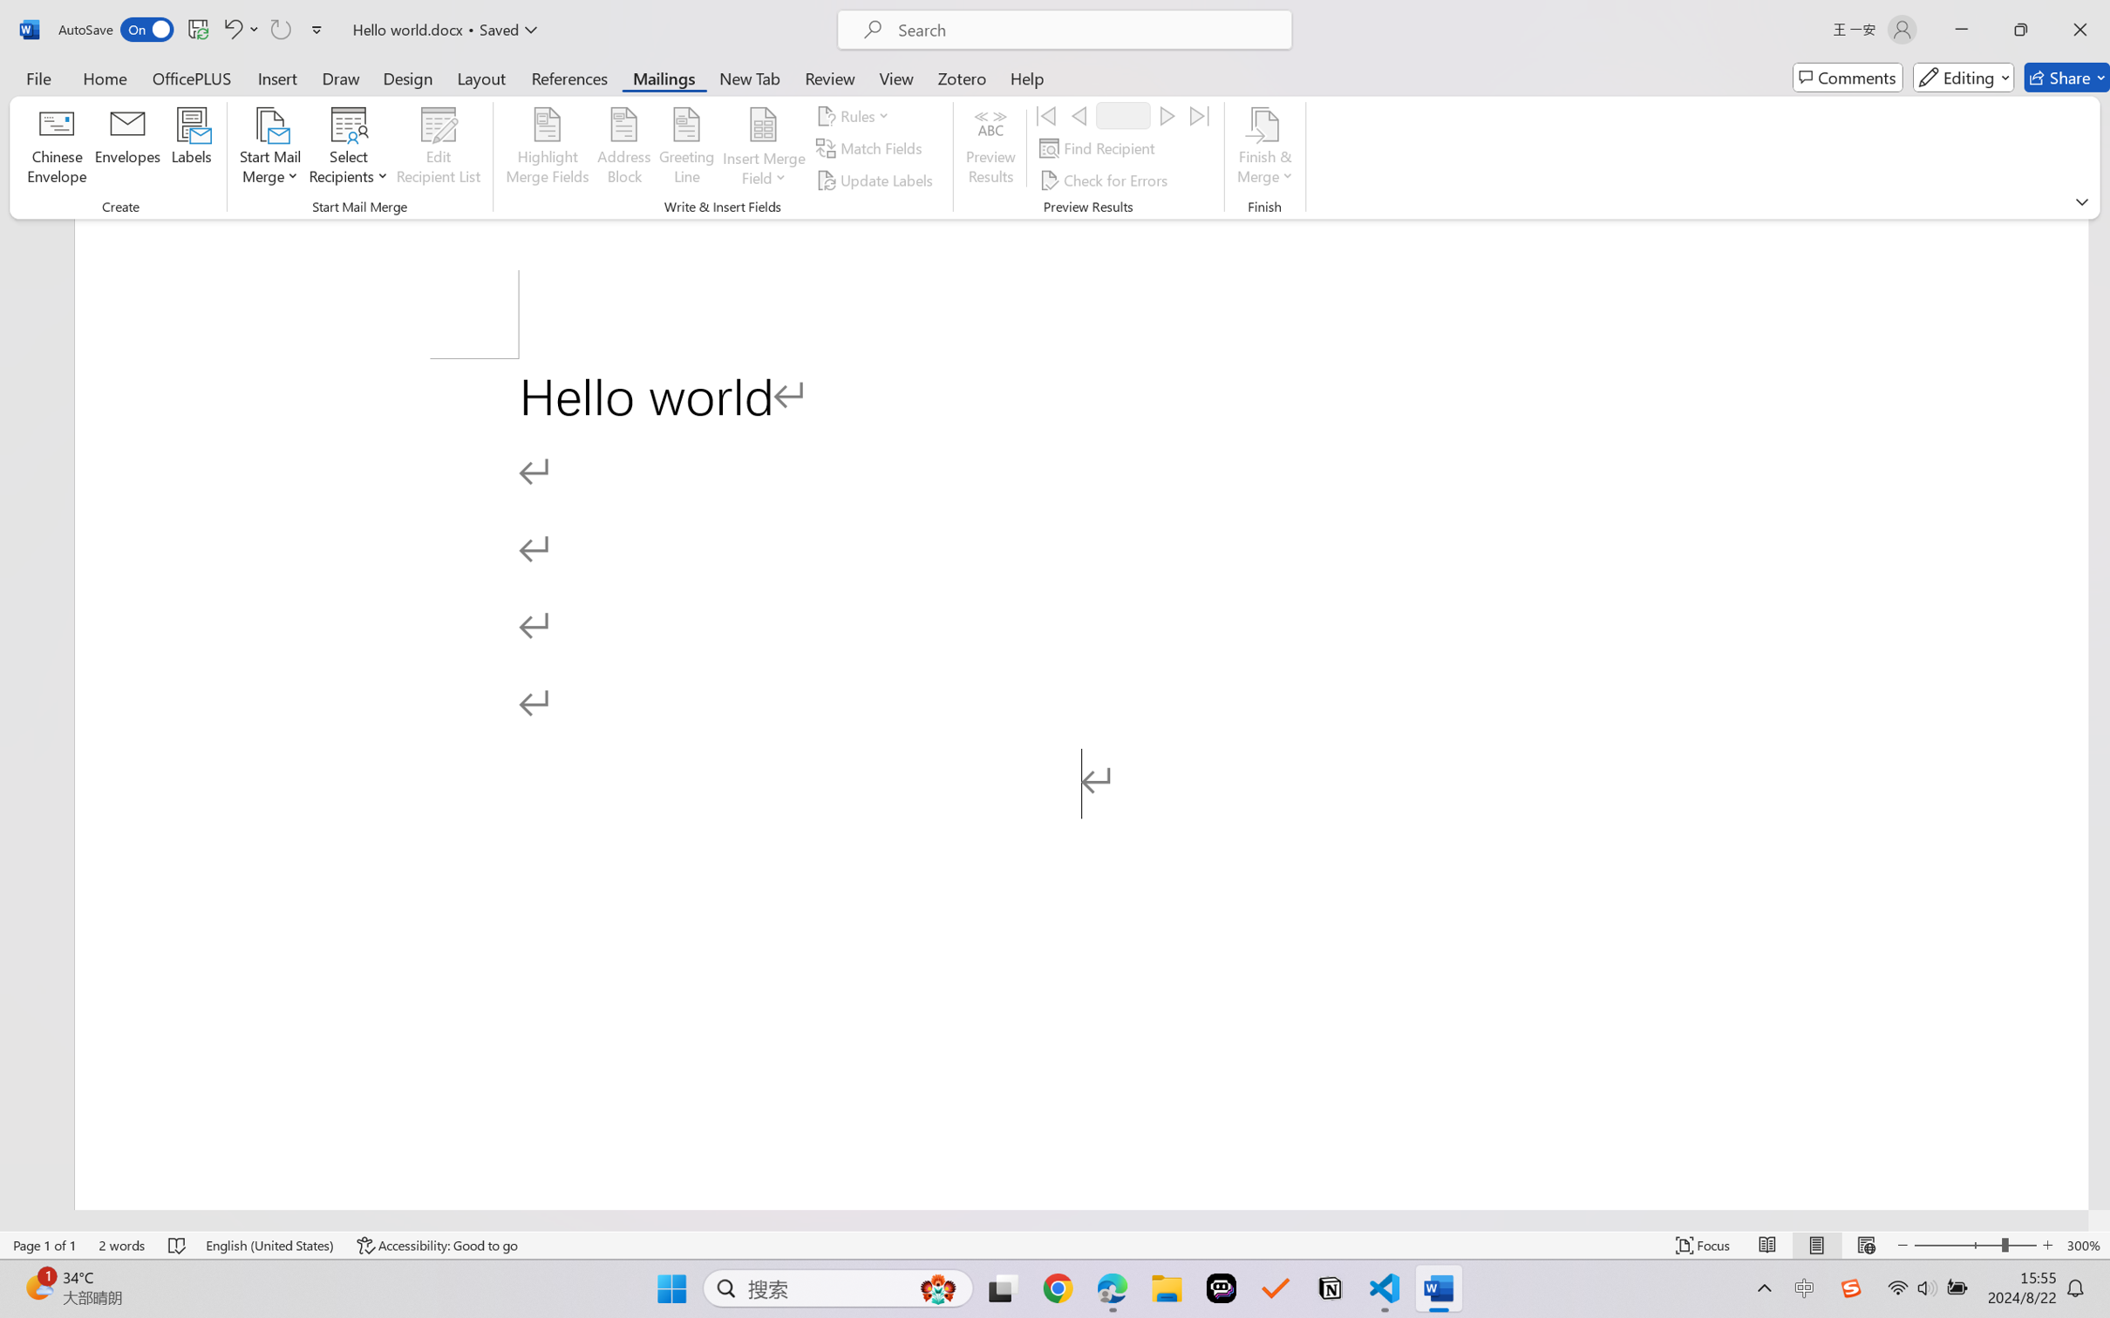 The image size is (2110, 1318). Describe the element at coordinates (875, 180) in the screenshot. I see `'Update Labels'` at that location.